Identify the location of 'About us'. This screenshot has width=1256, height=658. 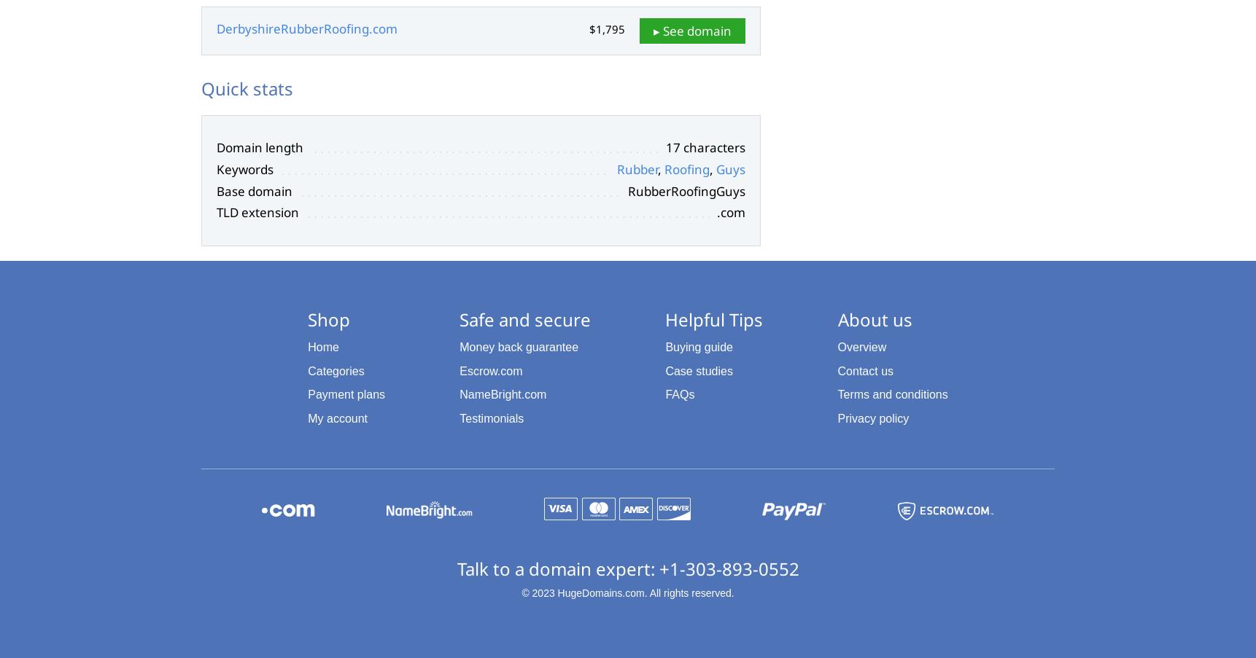
(874, 318).